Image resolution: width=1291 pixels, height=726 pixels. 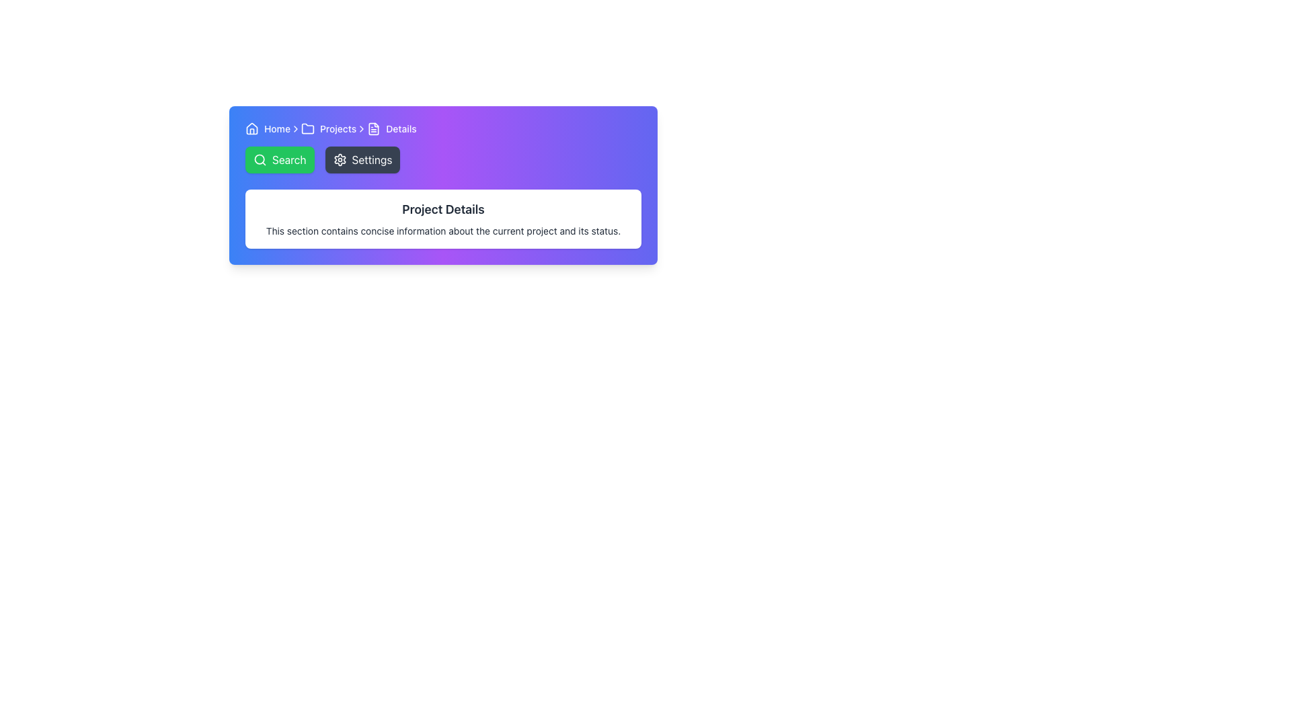 What do you see at coordinates (374, 129) in the screenshot?
I see `the Icon representing the 'Details' section in the breadcrumb navigation, located between the 'Projects' folder icon and the 'Details' text label` at bounding box center [374, 129].